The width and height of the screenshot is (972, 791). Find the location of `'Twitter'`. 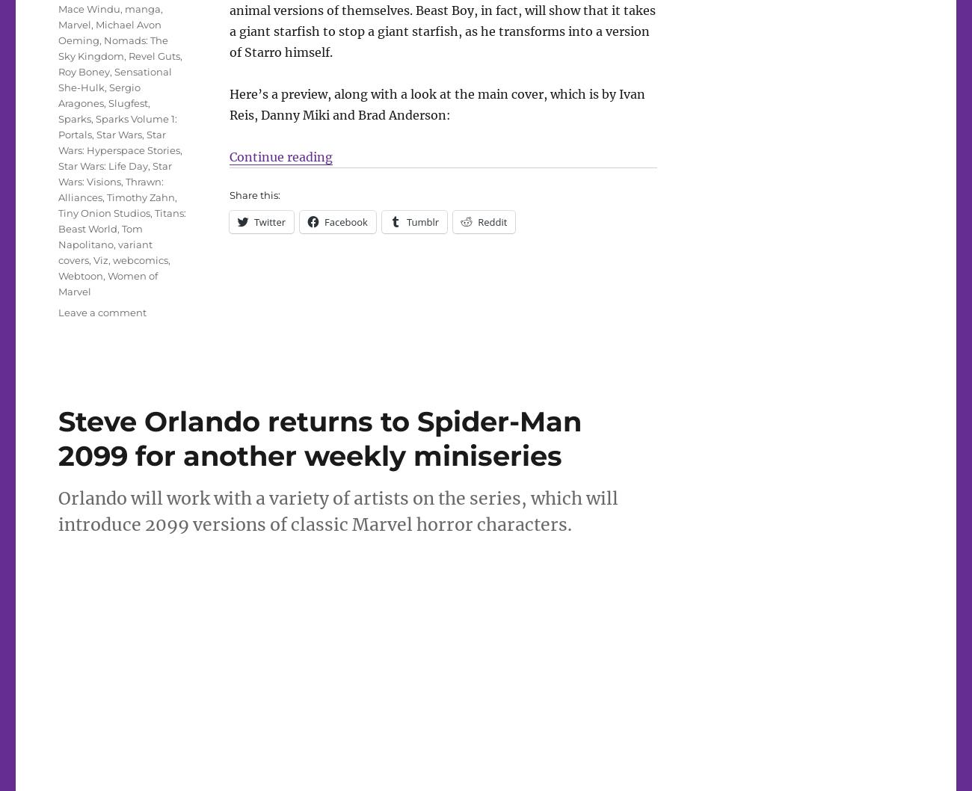

'Twitter' is located at coordinates (268, 221).